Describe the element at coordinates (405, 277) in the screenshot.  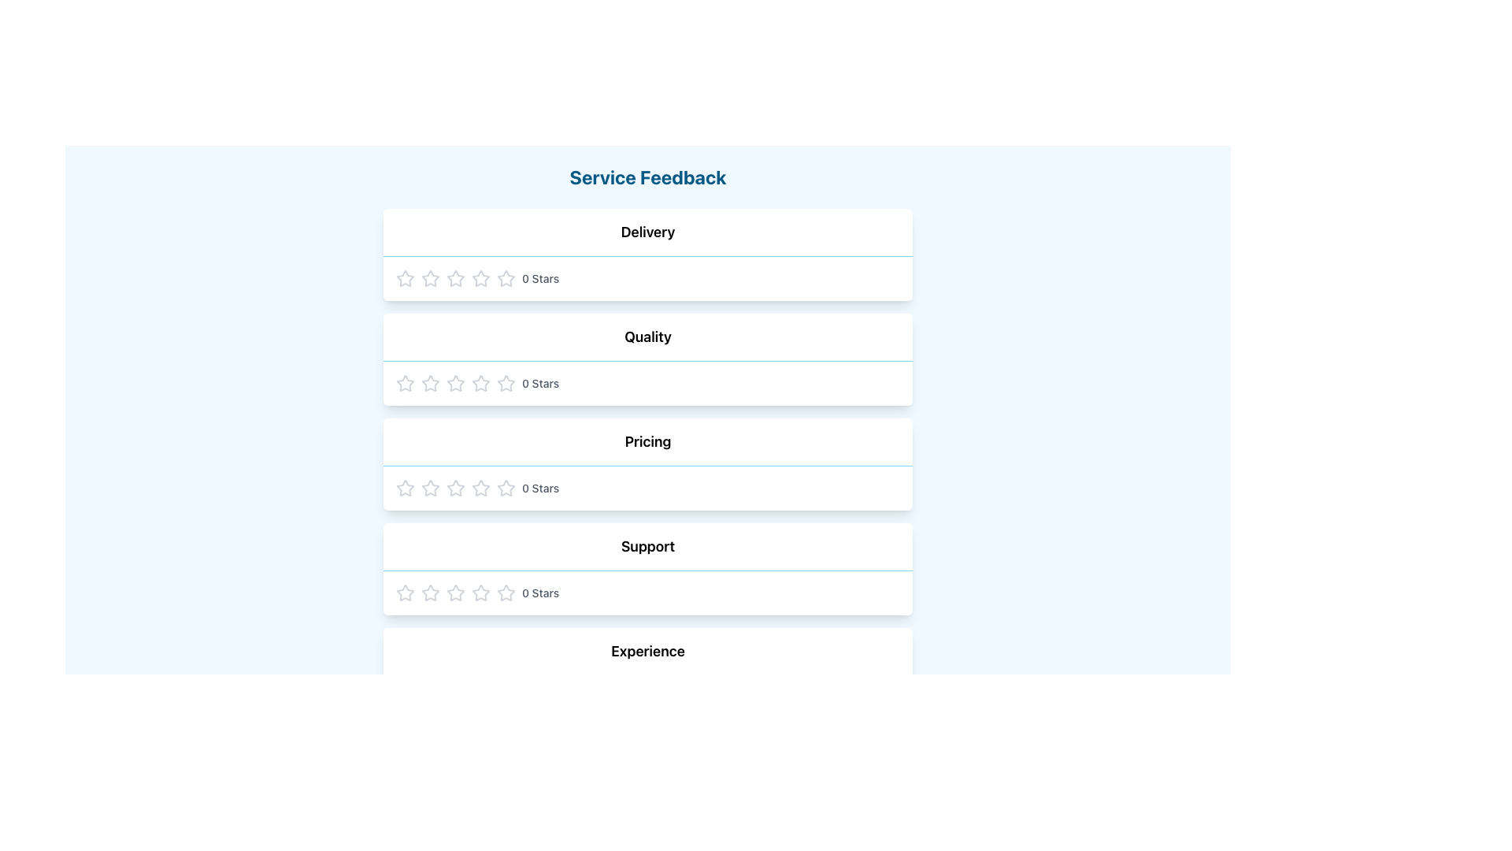
I see `the first hollow star icon in the row of five stars for the 'Delivery' rating` at that location.